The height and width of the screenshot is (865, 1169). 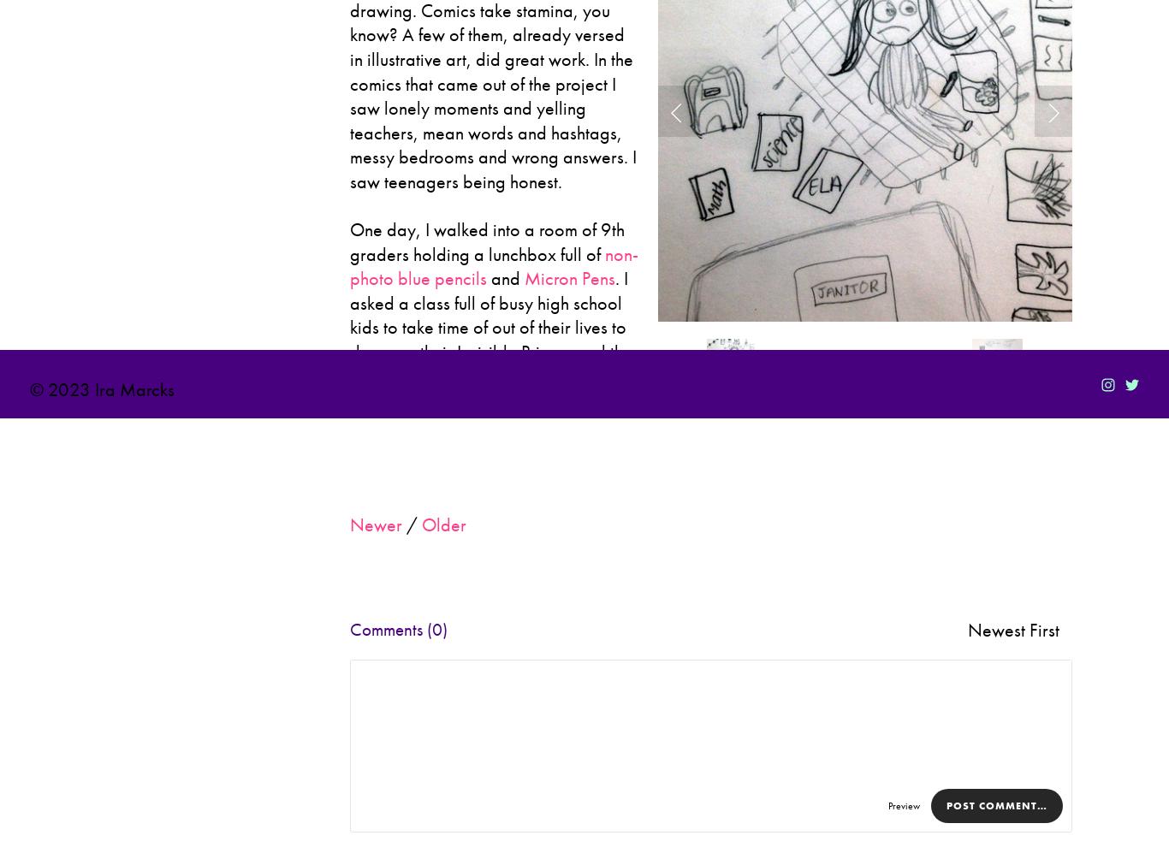 What do you see at coordinates (944, 806) in the screenshot?
I see `'Post Comment…'` at bounding box center [944, 806].